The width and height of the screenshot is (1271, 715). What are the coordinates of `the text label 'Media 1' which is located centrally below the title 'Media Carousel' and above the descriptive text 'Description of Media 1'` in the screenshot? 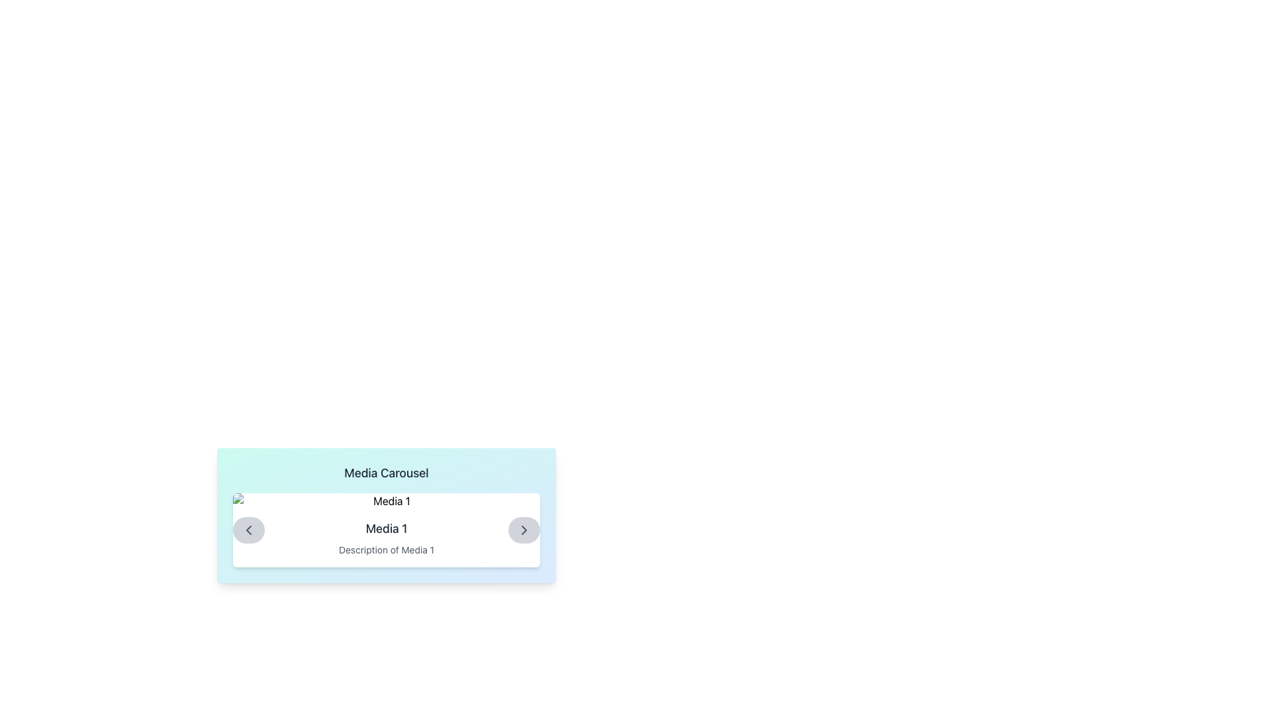 It's located at (386, 528).